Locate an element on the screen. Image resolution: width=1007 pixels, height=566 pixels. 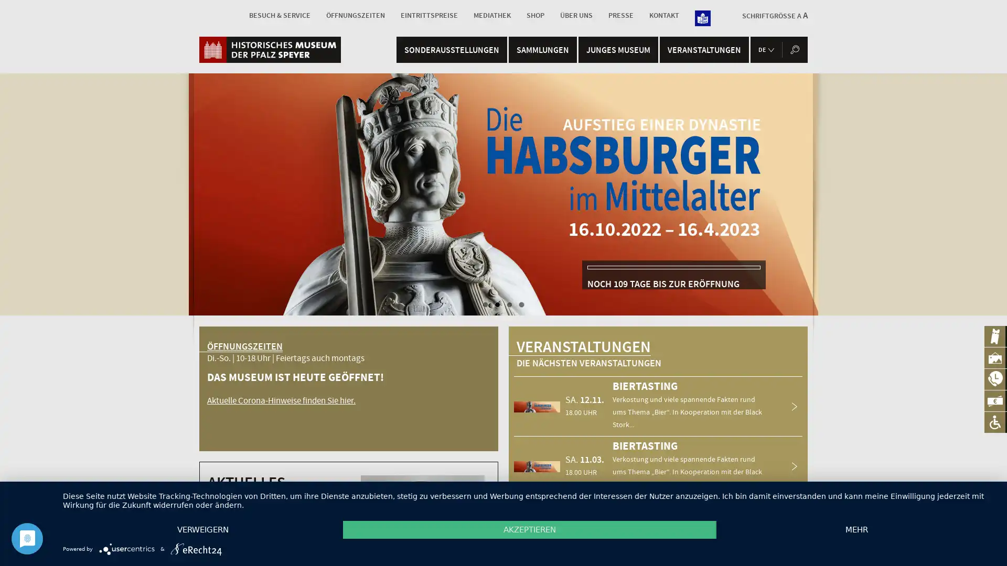
Verweigern is located at coordinates (203, 529).